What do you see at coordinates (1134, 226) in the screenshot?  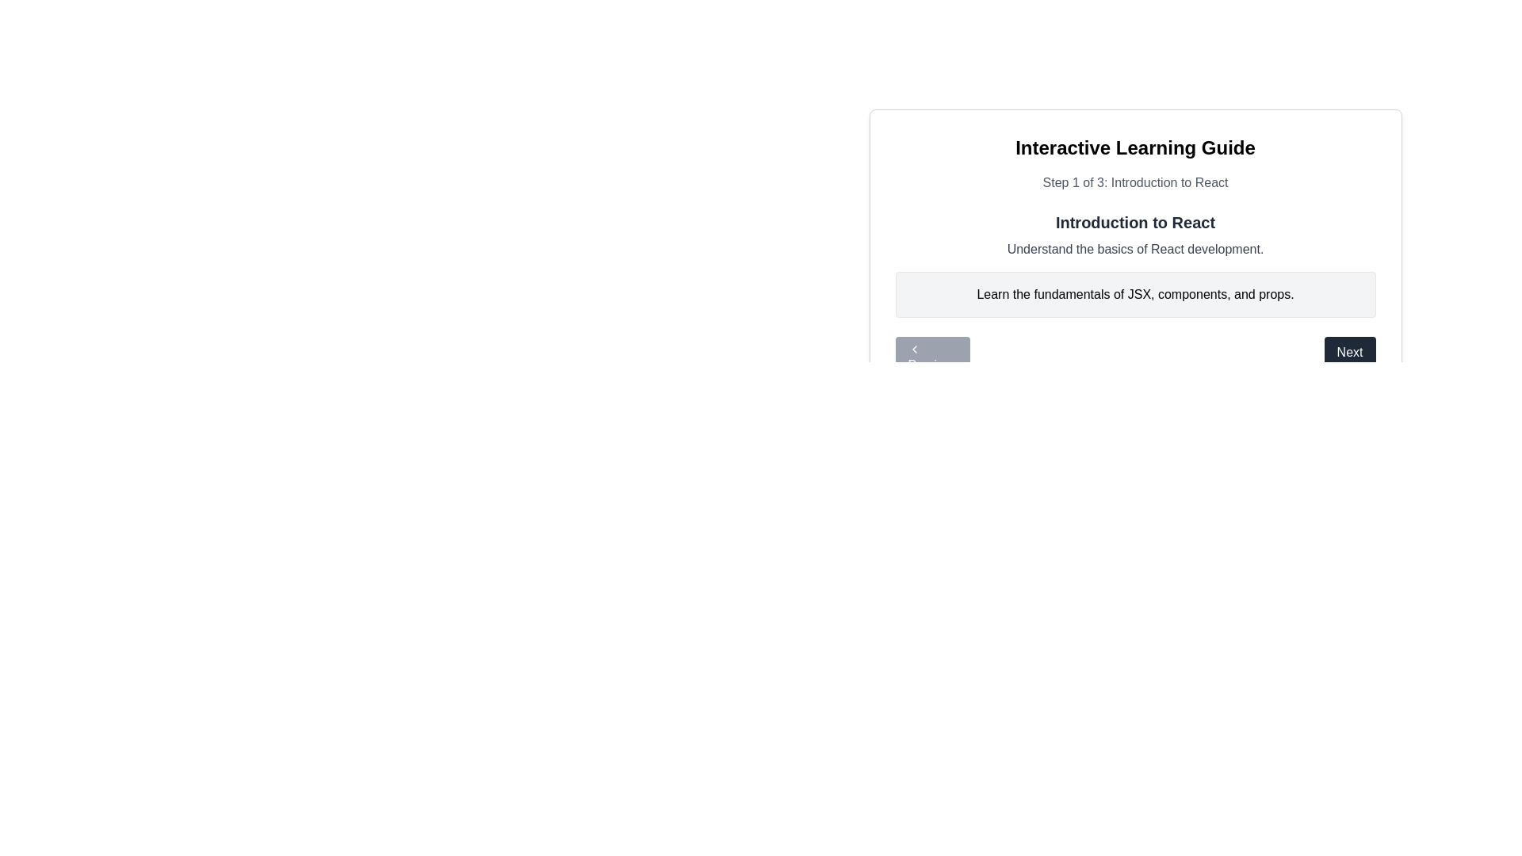 I see `the 'Interactive Learning Guide' interface, which displays the title 'Introduction to React' and step information 'Step 1 of 3: Introduction to React'` at bounding box center [1134, 226].